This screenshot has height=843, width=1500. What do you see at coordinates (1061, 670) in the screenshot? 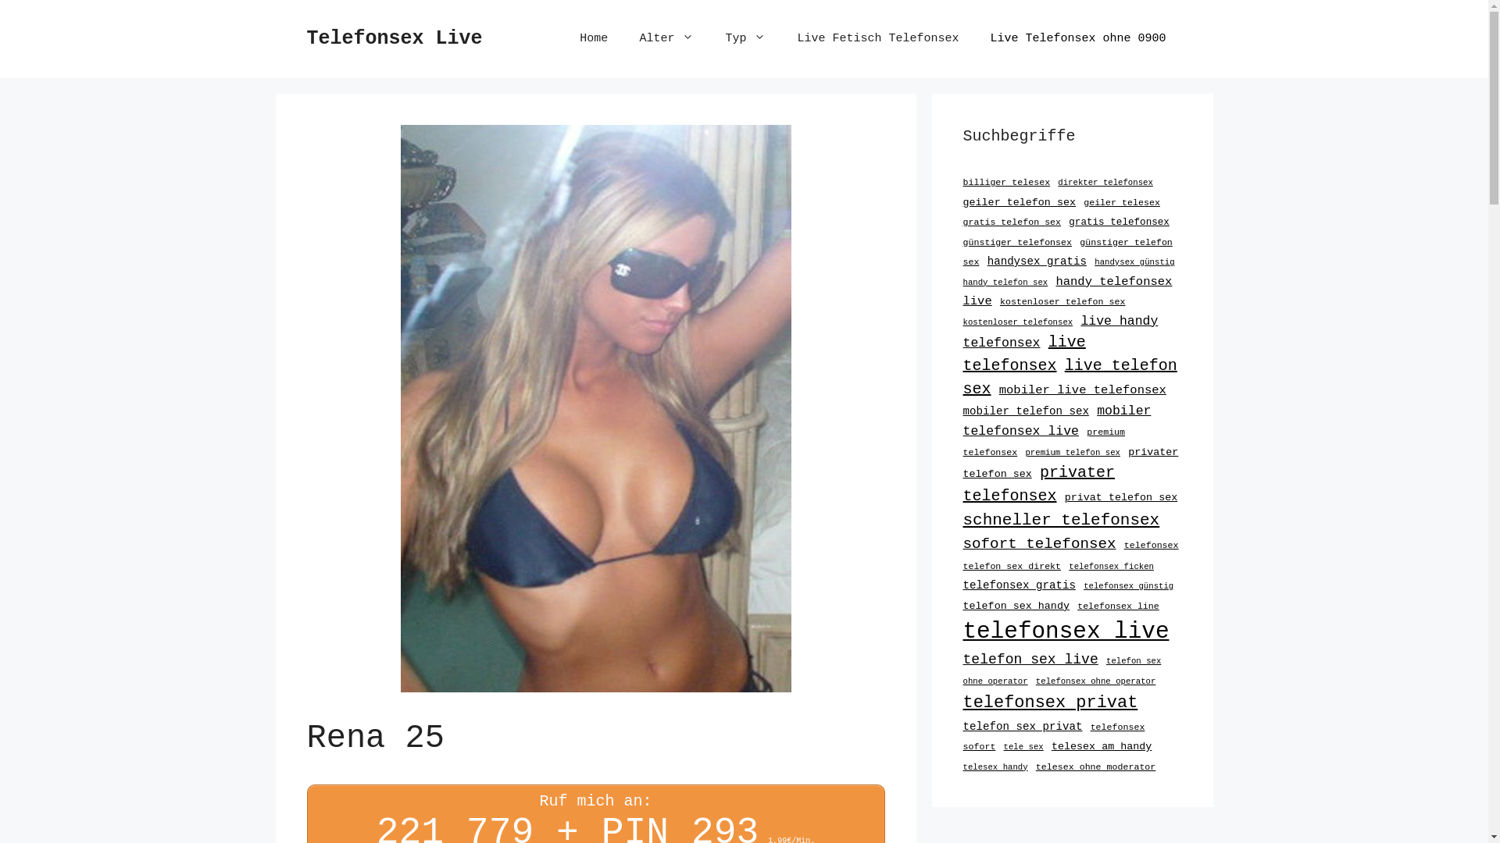
I see `'telefon sex ohne operator'` at bounding box center [1061, 670].